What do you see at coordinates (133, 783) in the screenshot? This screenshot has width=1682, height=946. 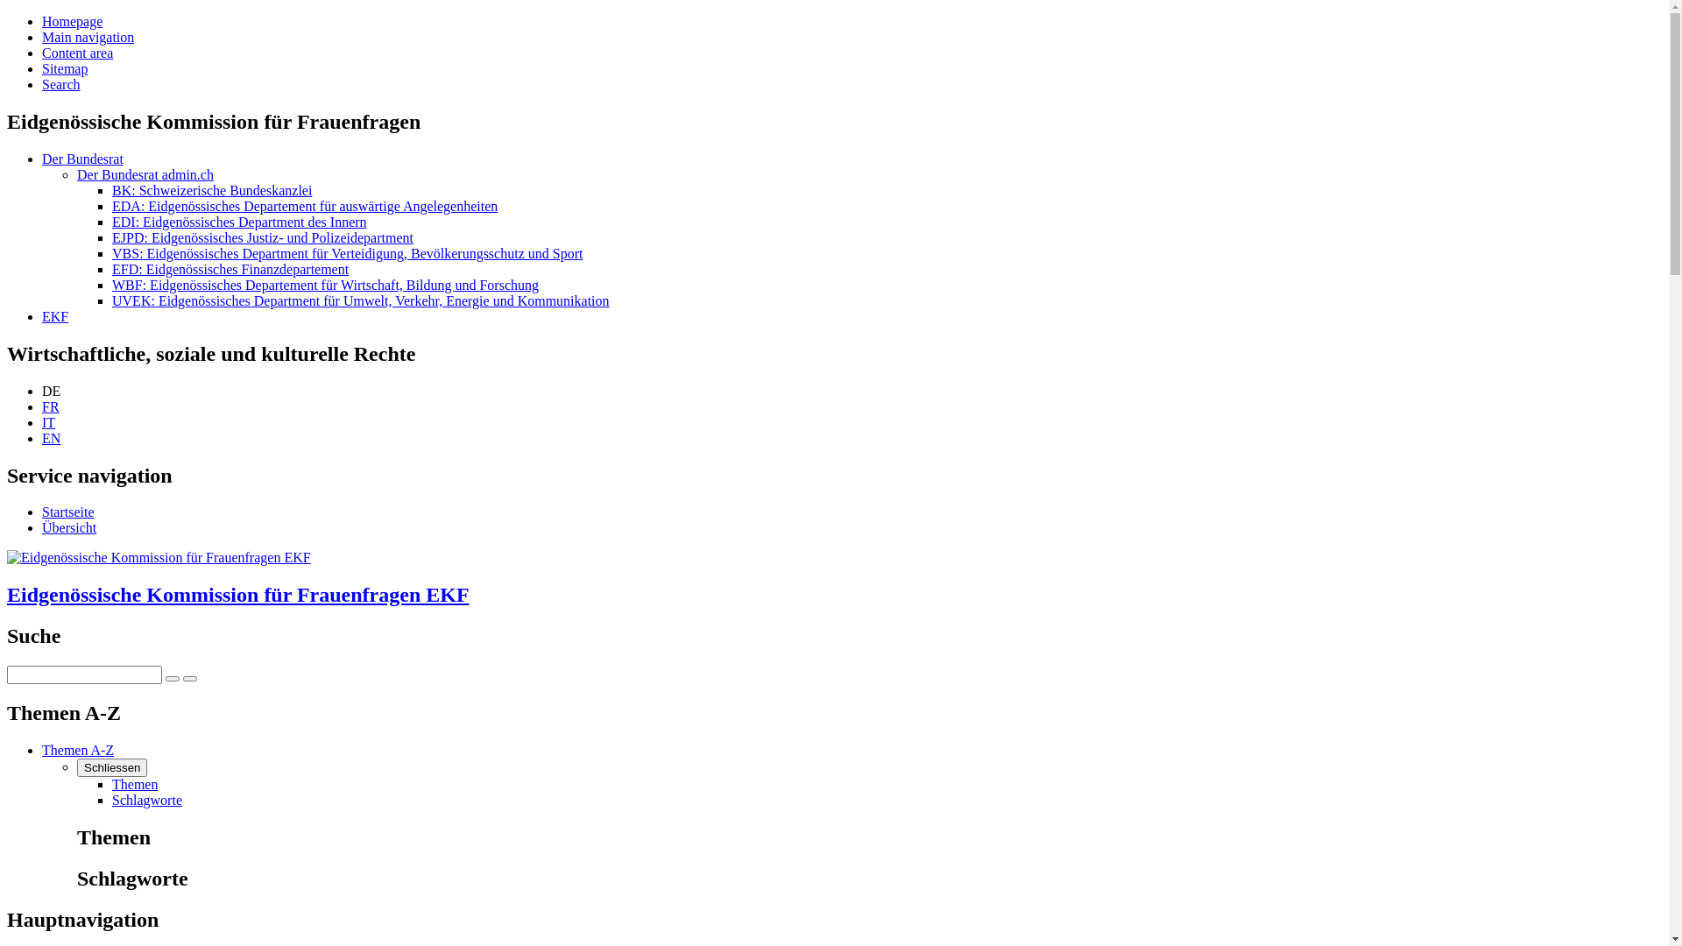 I see `'Themen'` at bounding box center [133, 783].